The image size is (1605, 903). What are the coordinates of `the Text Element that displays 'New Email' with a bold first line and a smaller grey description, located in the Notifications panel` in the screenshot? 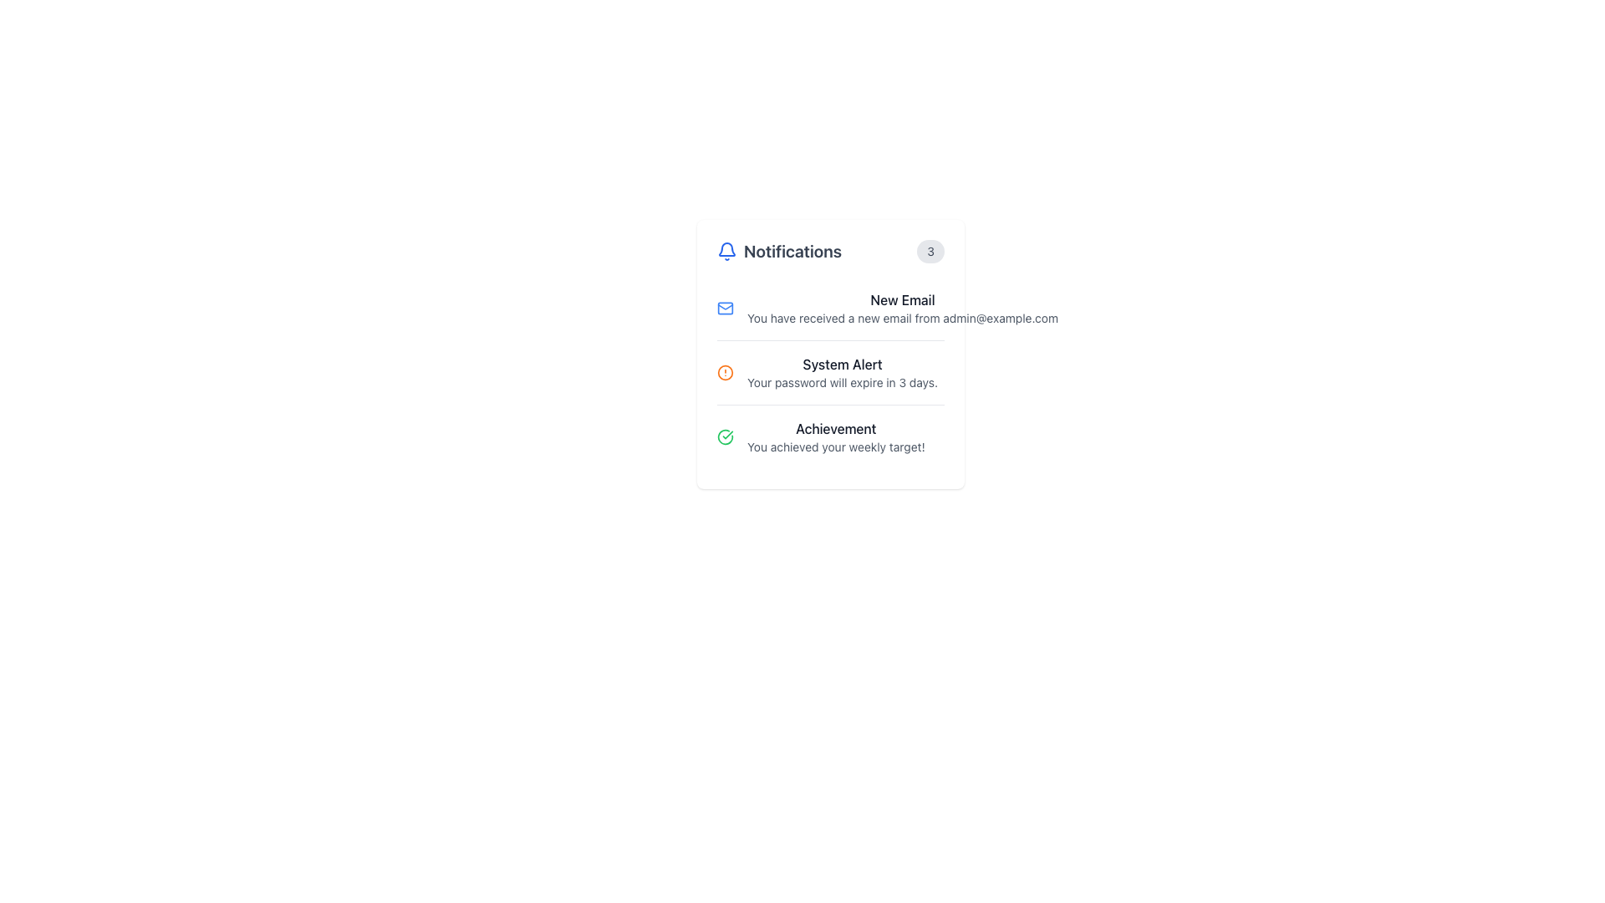 It's located at (902, 309).